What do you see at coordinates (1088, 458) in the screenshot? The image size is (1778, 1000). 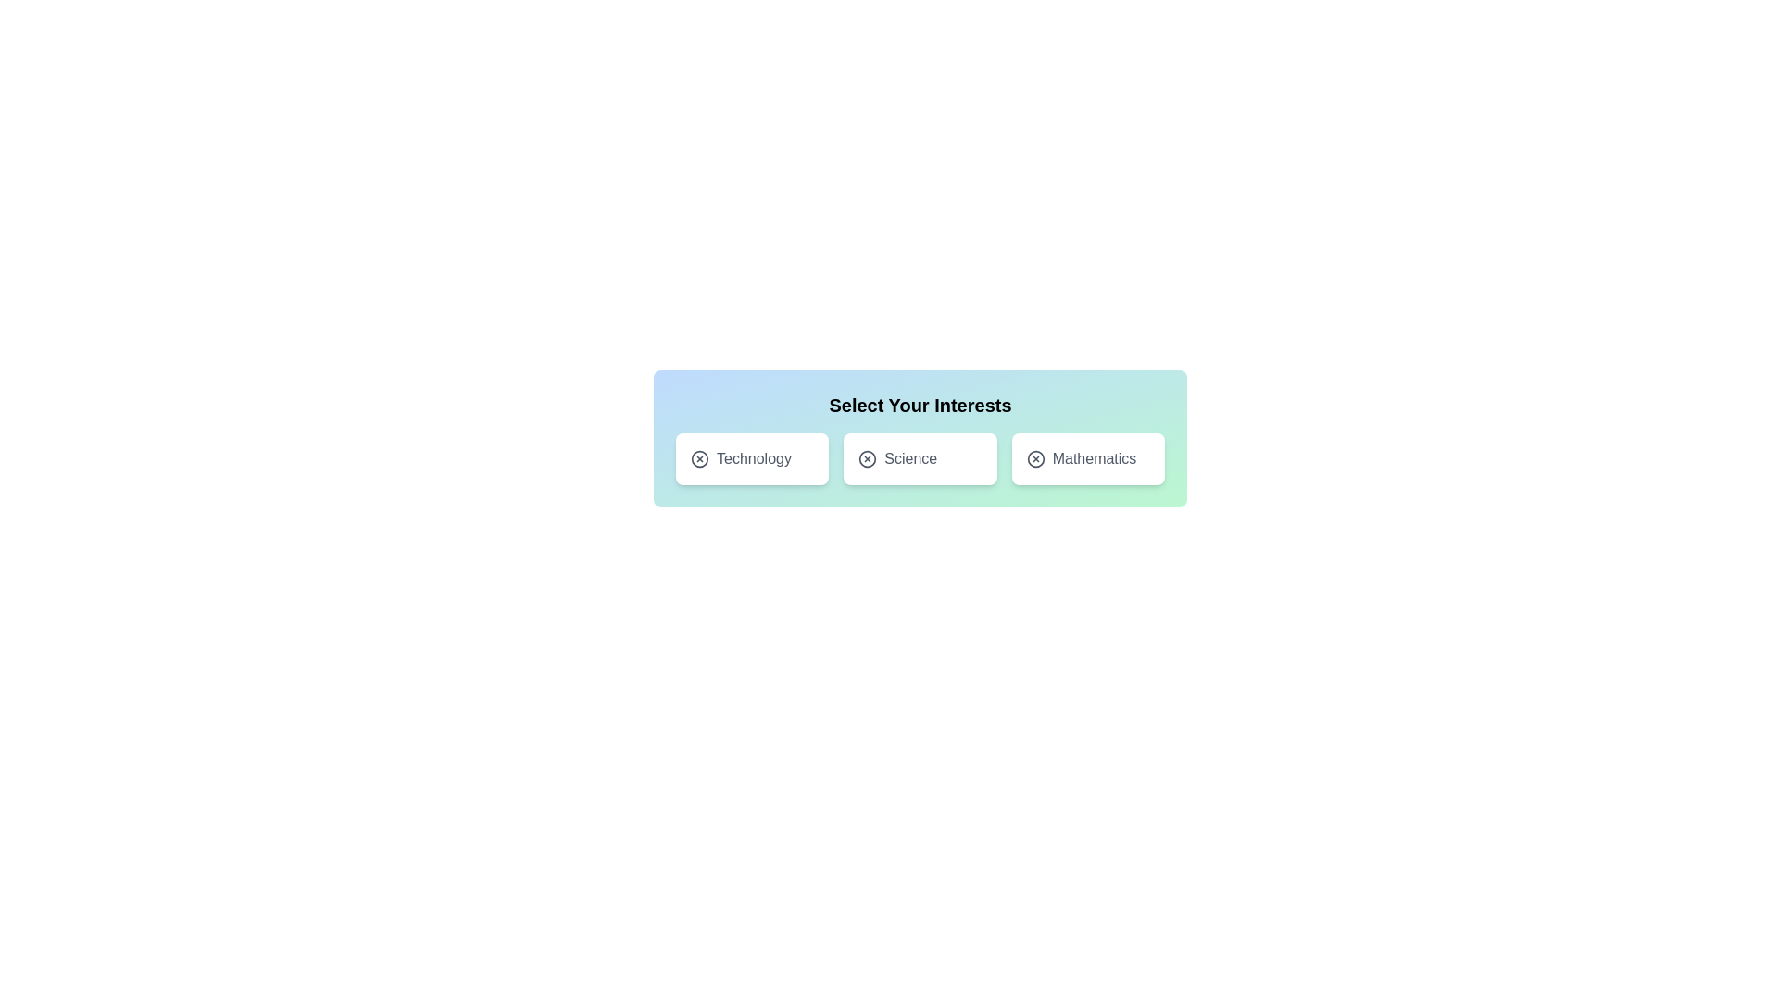 I see `the tag Mathematics` at bounding box center [1088, 458].